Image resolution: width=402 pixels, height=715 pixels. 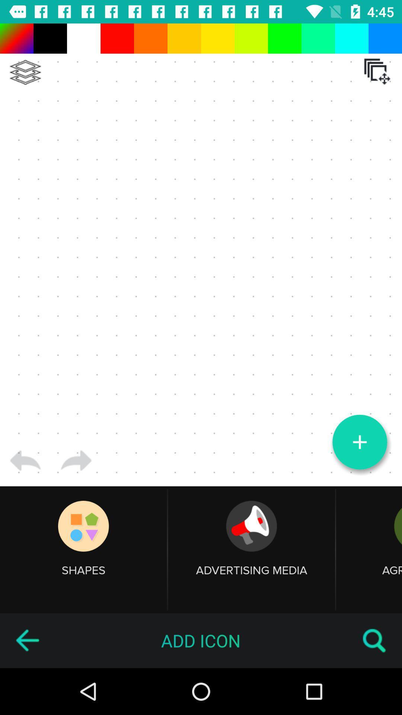 What do you see at coordinates (27, 640) in the screenshot?
I see `shows reverse aeromark` at bounding box center [27, 640].